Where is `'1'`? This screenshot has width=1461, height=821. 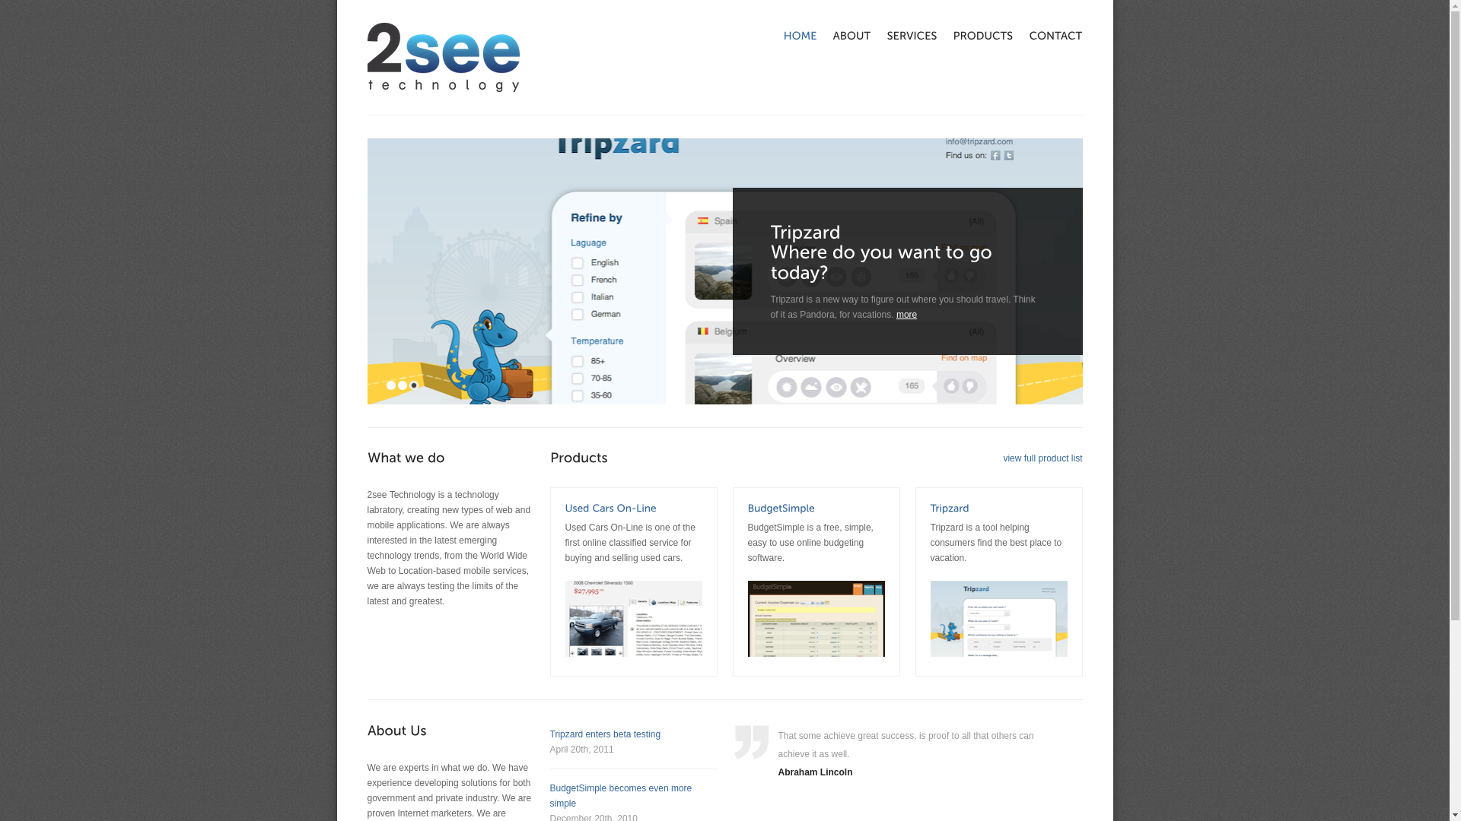
'1' is located at coordinates (390, 384).